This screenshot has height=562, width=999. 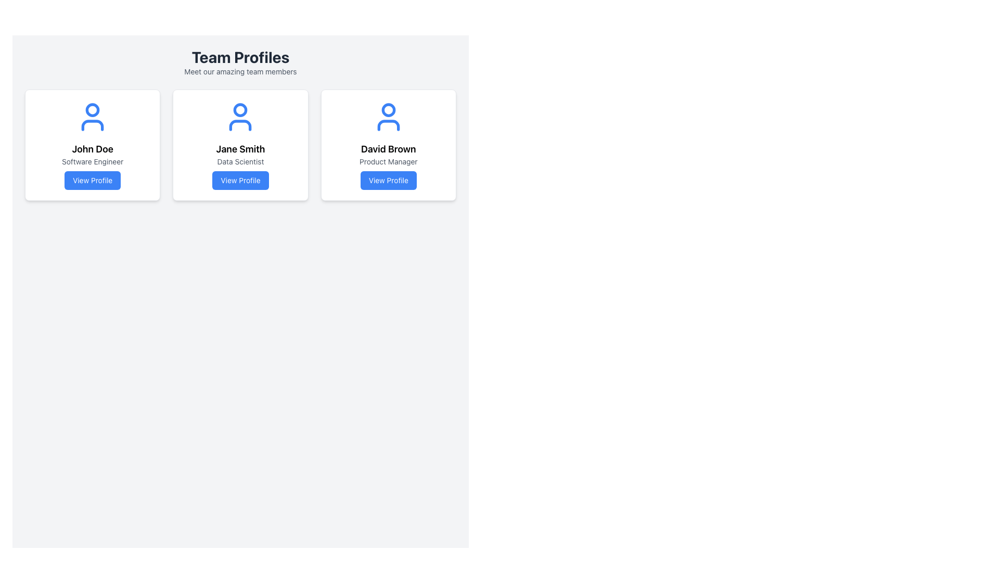 I want to click on the user information card located in the top-left corner of the grid layout, so click(x=93, y=145).